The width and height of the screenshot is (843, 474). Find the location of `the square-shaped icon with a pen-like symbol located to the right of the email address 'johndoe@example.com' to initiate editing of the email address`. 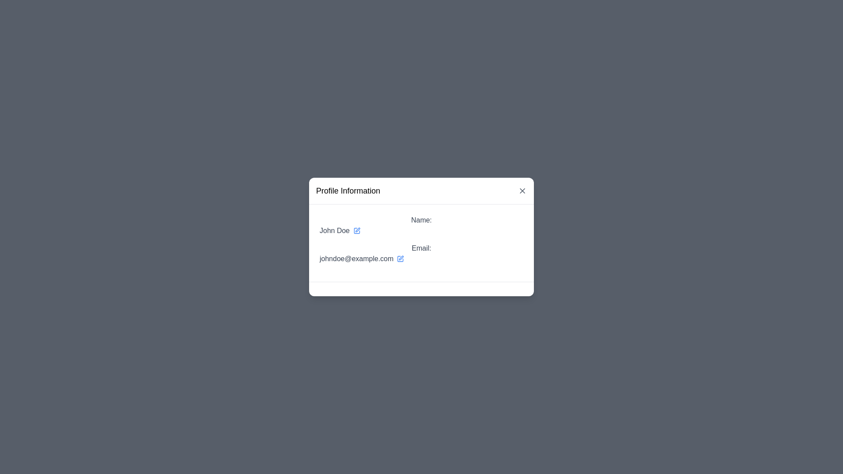

the square-shaped icon with a pen-like symbol located to the right of the email address 'johndoe@example.com' to initiate editing of the email address is located at coordinates (400, 259).